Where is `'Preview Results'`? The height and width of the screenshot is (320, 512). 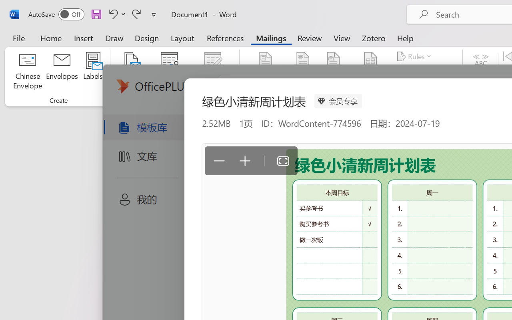 'Preview Results' is located at coordinates (480, 72).